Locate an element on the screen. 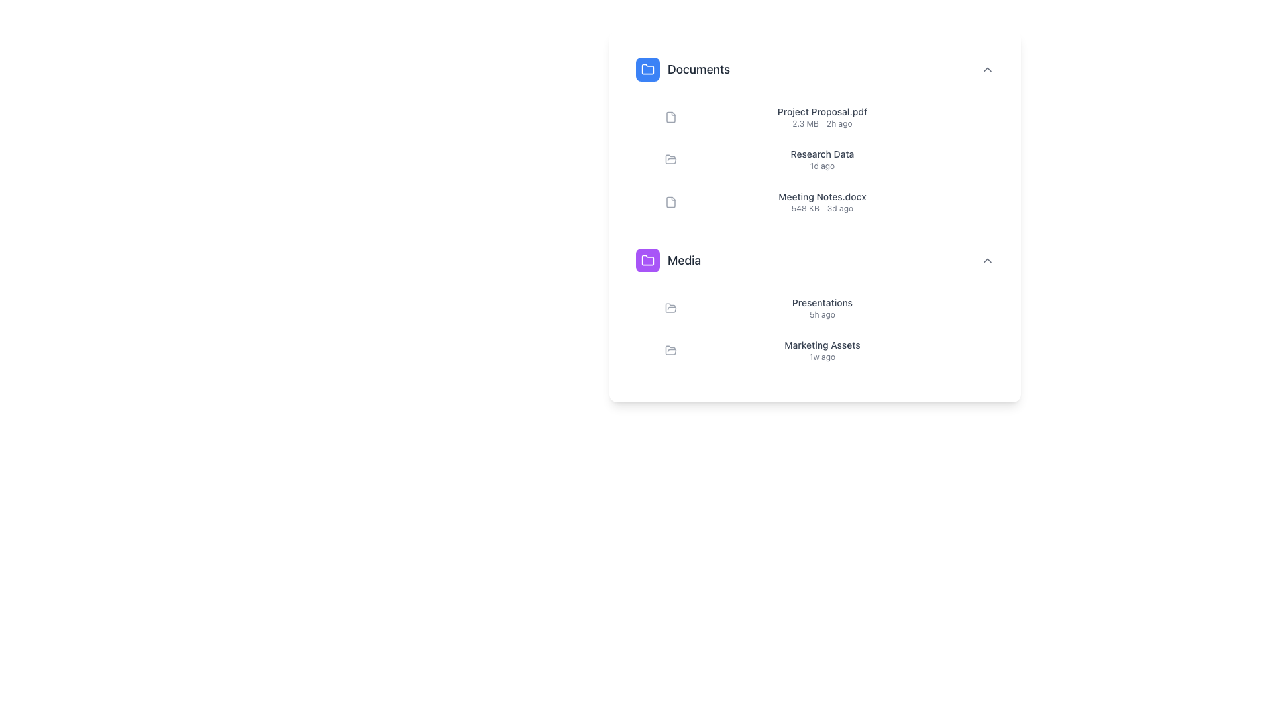 The width and height of the screenshot is (1272, 716). the informational text displaying '548 KB 3d ago' which is located below the 'Meeting Notes.docx' label is located at coordinates (821, 209).